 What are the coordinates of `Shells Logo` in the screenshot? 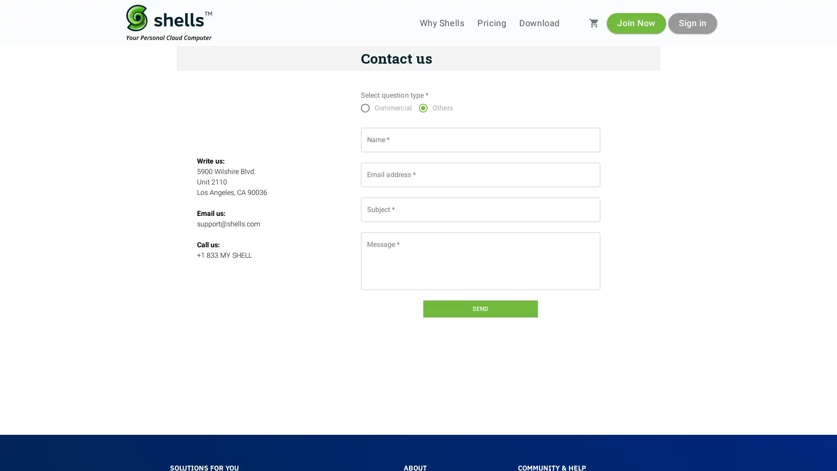 It's located at (169, 23).